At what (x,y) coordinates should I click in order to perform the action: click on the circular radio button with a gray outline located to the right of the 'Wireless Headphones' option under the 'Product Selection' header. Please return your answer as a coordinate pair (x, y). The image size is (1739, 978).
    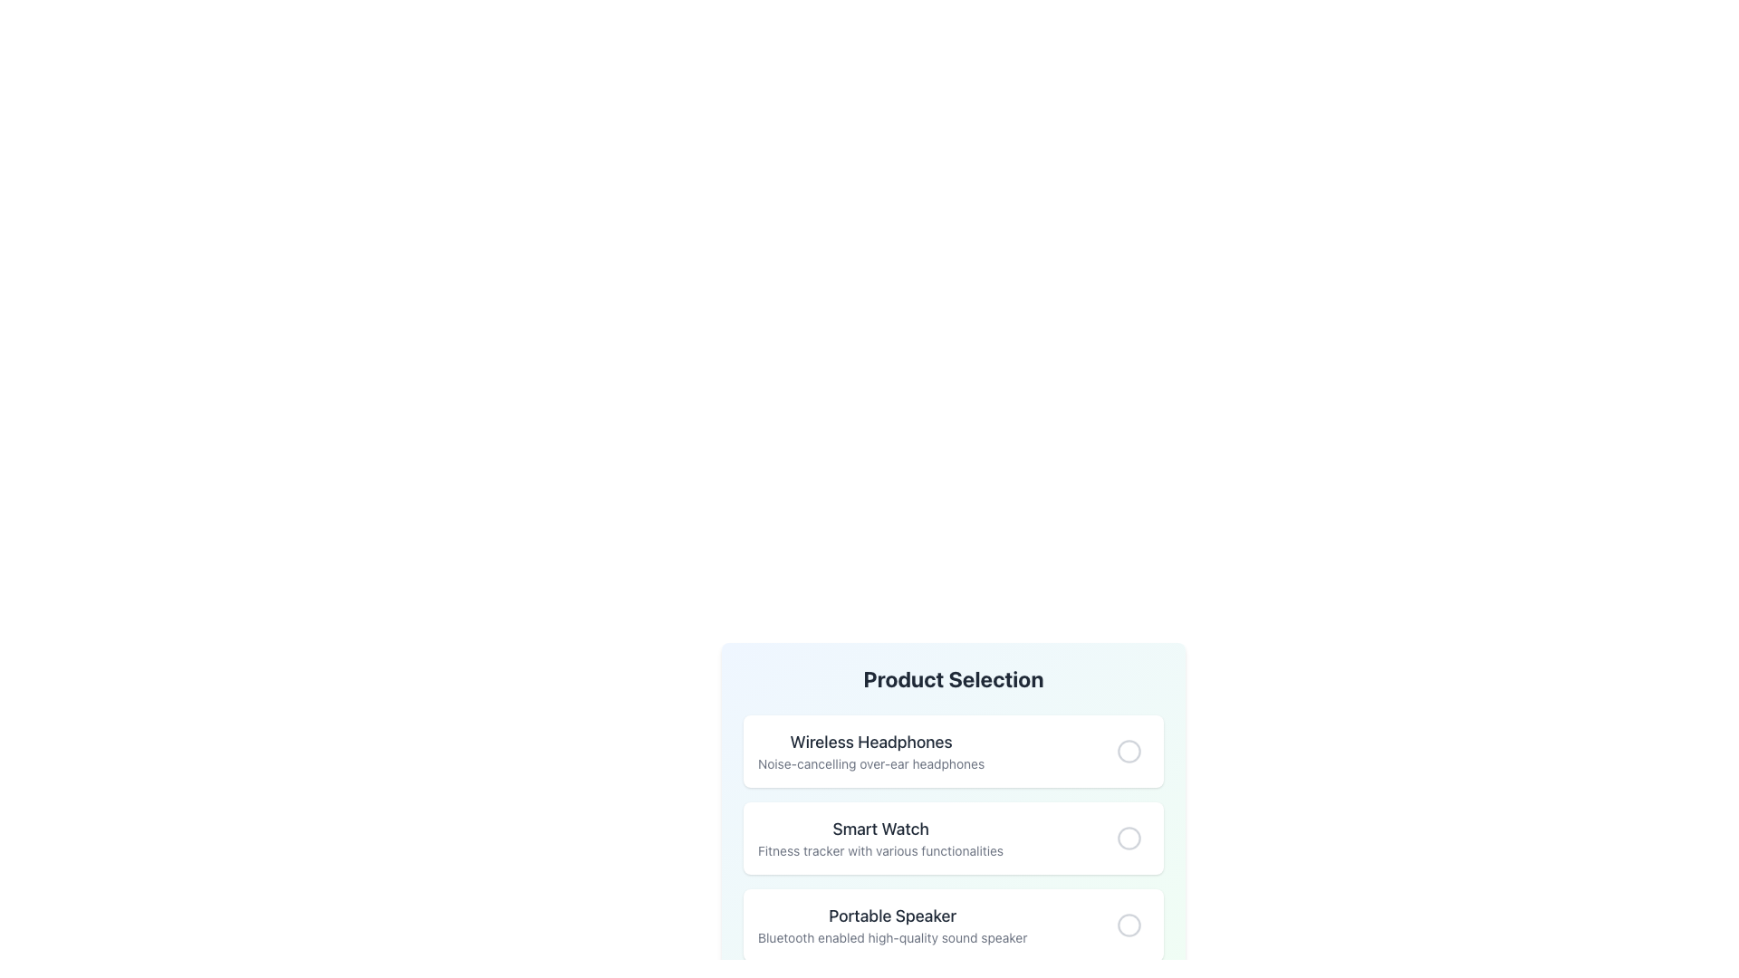
    Looking at the image, I should click on (1129, 751).